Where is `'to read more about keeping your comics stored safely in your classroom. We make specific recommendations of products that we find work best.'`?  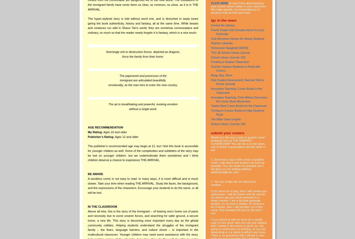
'to read more about keeping your comics stored safely in your classroom. We make specific recommendations of products that we find work best.' is located at coordinates (239, 7).